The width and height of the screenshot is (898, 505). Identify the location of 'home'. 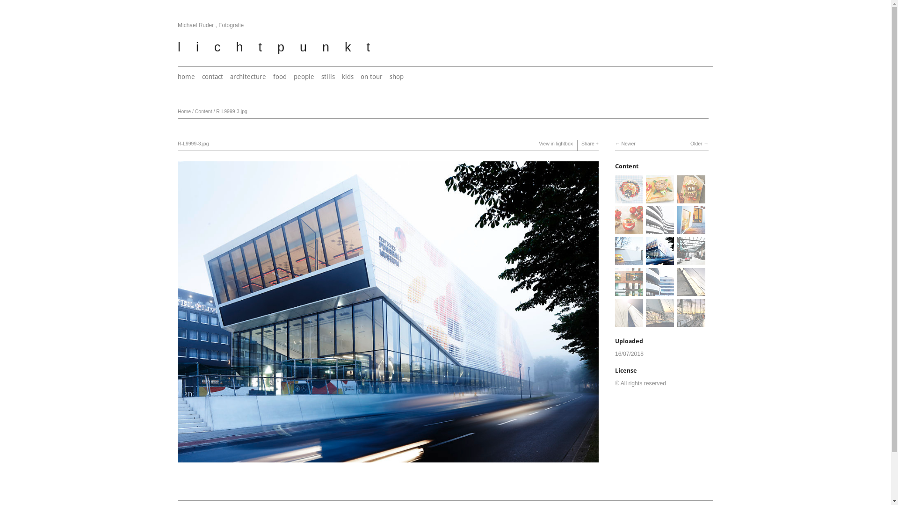
(177, 76).